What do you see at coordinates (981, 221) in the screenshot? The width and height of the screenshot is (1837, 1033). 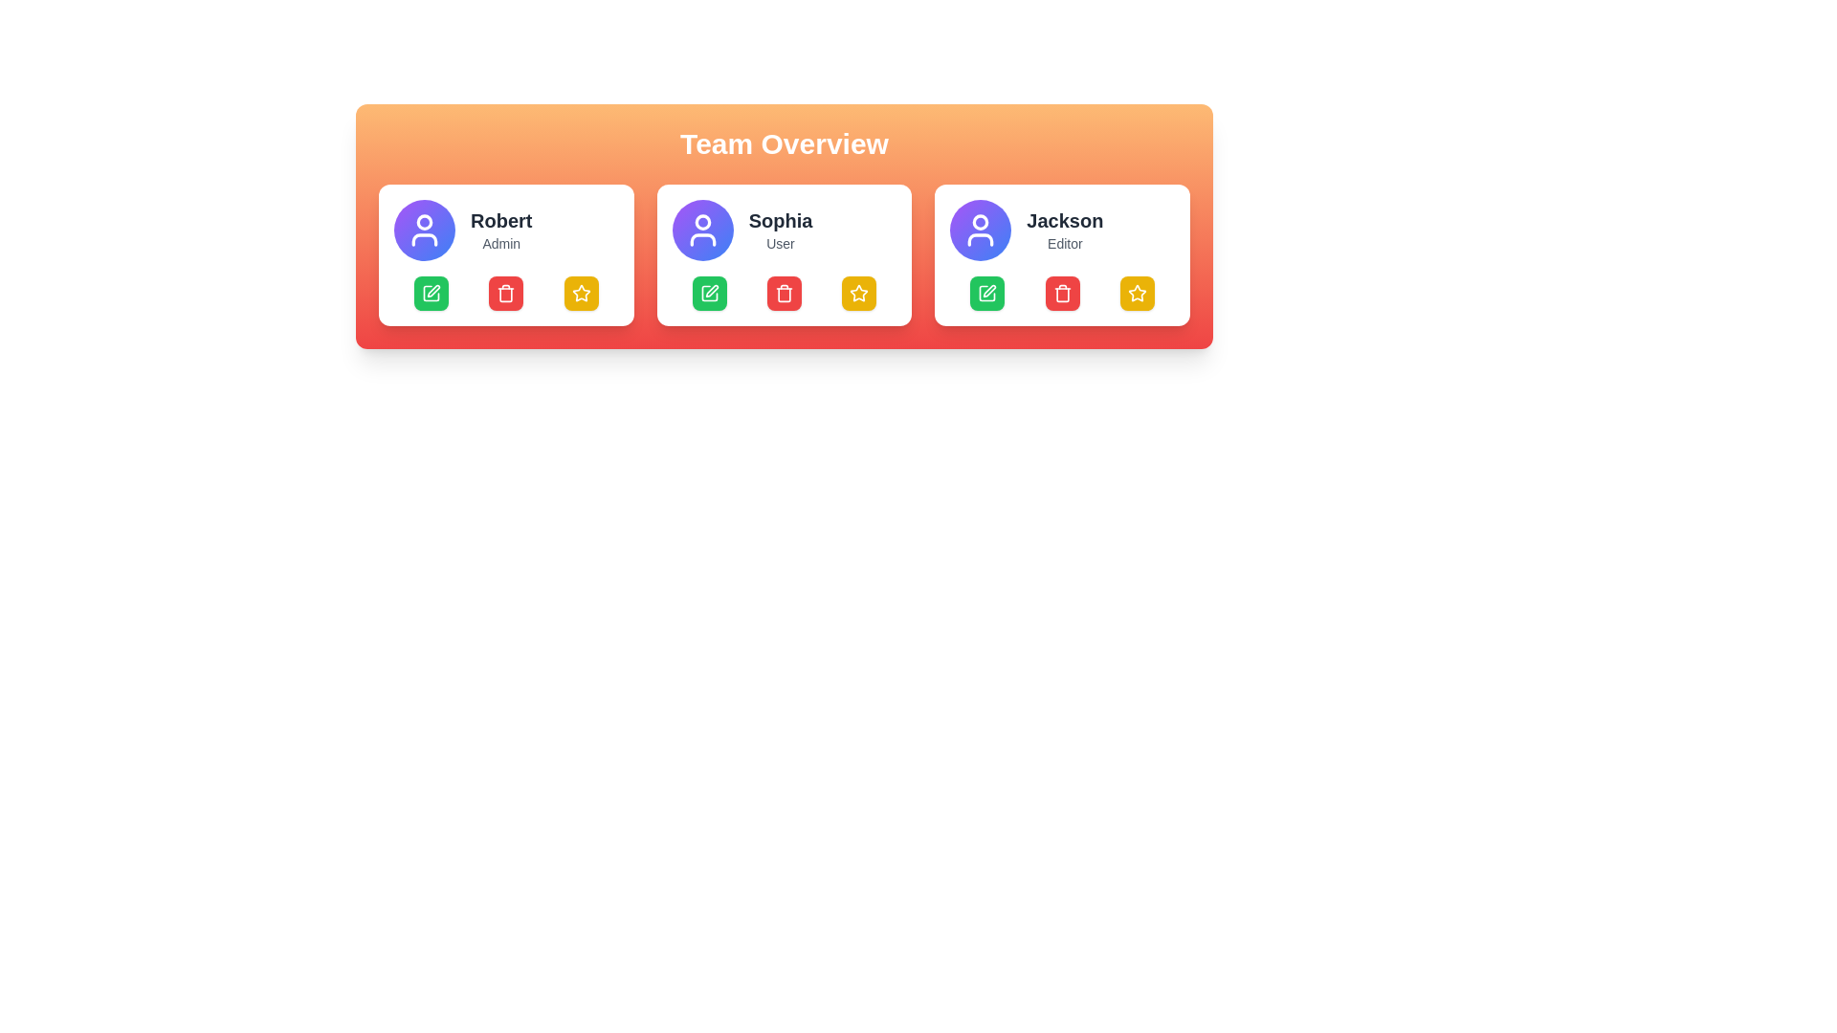 I see `the SVG circle graphical element that is part of the user profile icon for 'Jackson' in the rightmost card of the interface` at bounding box center [981, 221].